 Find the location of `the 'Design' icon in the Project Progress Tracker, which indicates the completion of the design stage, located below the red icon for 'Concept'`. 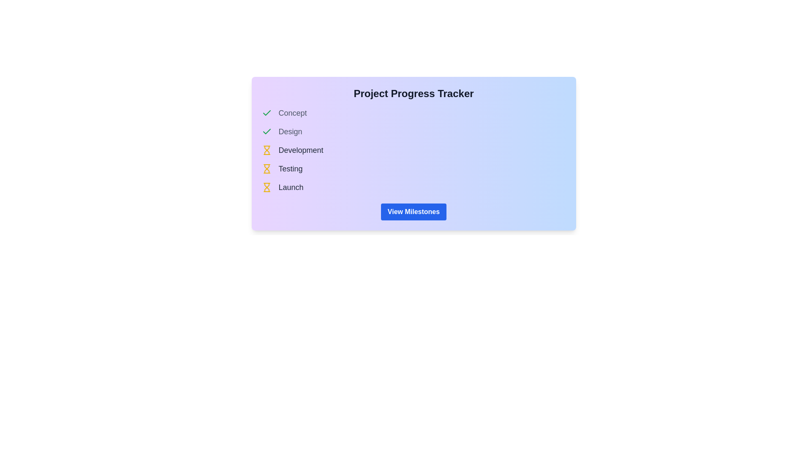

the 'Design' icon in the Project Progress Tracker, which indicates the completion of the design stage, located below the red icon for 'Concept' is located at coordinates (266, 112).